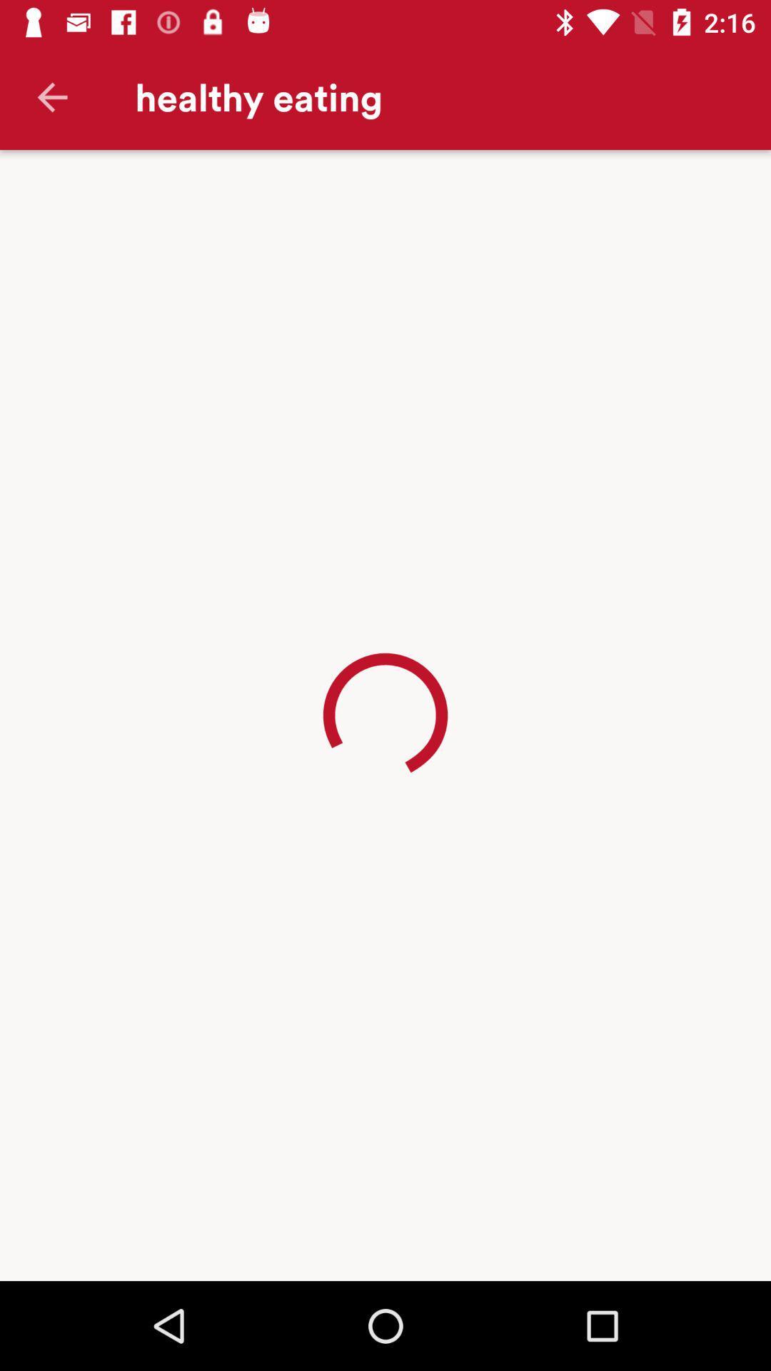 The width and height of the screenshot is (771, 1371). What do you see at coordinates (51, 96) in the screenshot?
I see `item next to healthy eating icon` at bounding box center [51, 96].